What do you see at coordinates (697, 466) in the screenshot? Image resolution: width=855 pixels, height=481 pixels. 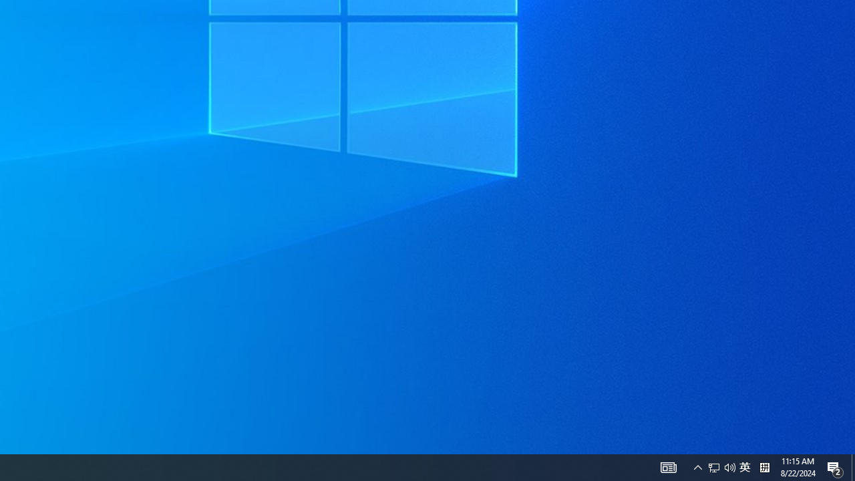 I see `'Notification Chevron'` at bounding box center [697, 466].